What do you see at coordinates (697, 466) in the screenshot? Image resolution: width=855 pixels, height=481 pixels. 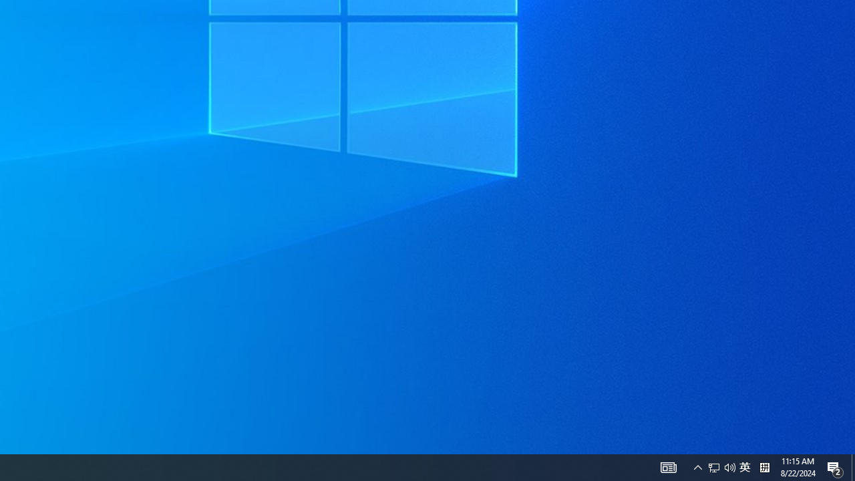 I see `'Notification Chevron'` at bounding box center [697, 466].